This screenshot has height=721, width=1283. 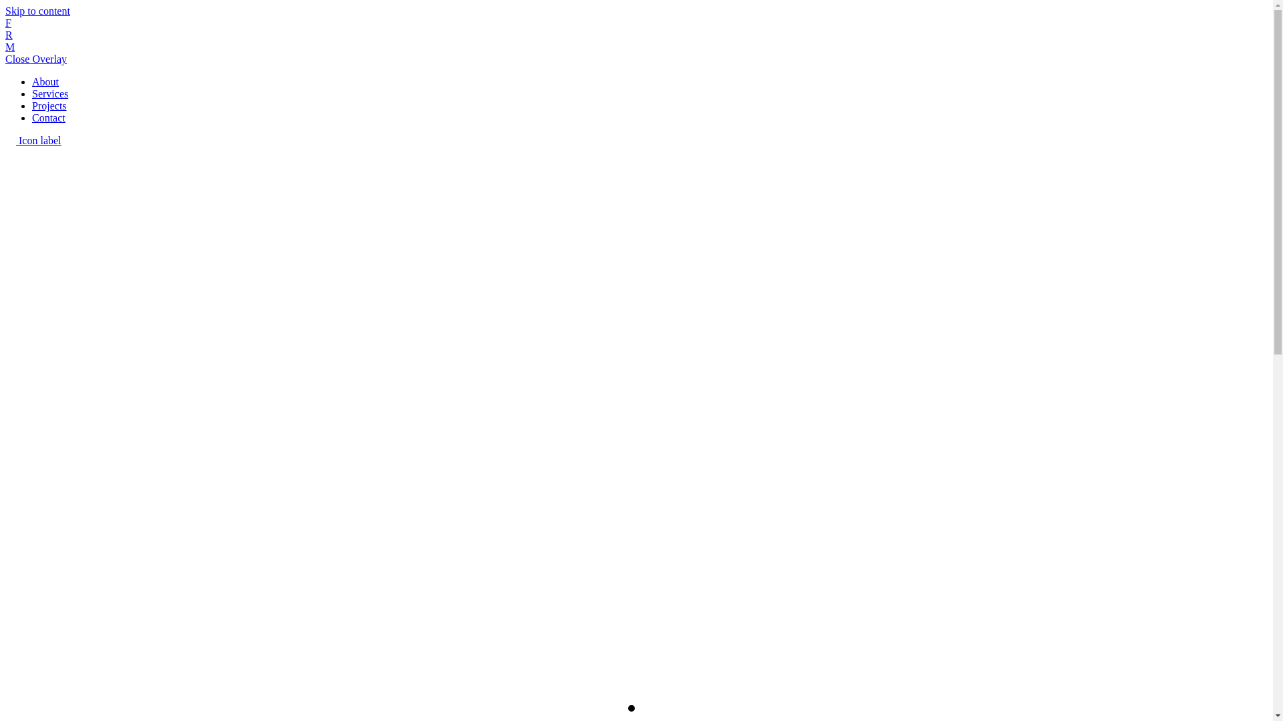 I want to click on 'Projects', so click(x=32, y=105).